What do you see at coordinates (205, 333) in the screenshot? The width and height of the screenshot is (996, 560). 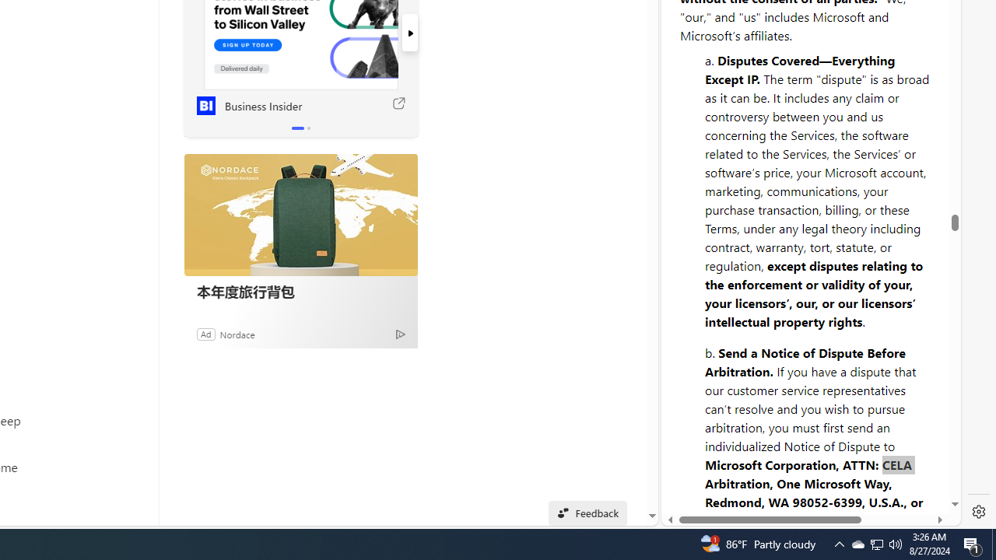 I see `'Ad'` at bounding box center [205, 333].